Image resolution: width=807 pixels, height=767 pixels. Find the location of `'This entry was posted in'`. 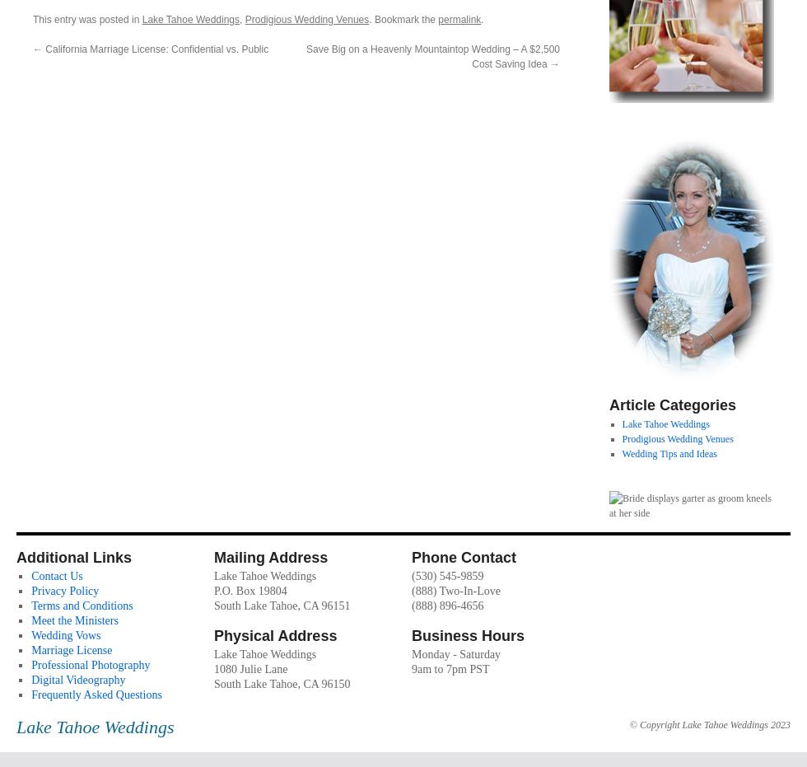

'This entry was posted in' is located at coordinates (87, 17).